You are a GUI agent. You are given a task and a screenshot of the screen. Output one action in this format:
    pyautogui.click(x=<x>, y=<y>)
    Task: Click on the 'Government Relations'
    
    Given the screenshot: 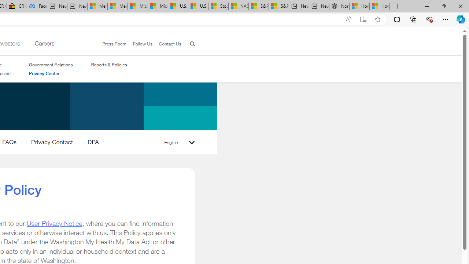 What is the action you would take?
    pyautogui.click(x=50, y=64)
    